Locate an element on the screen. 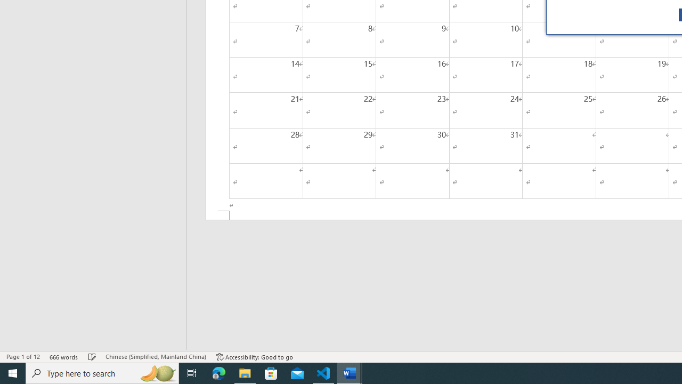 The width and height of the screenshot is (682, 384). 'Microsoft Store' is located at coordinates (271, 372).